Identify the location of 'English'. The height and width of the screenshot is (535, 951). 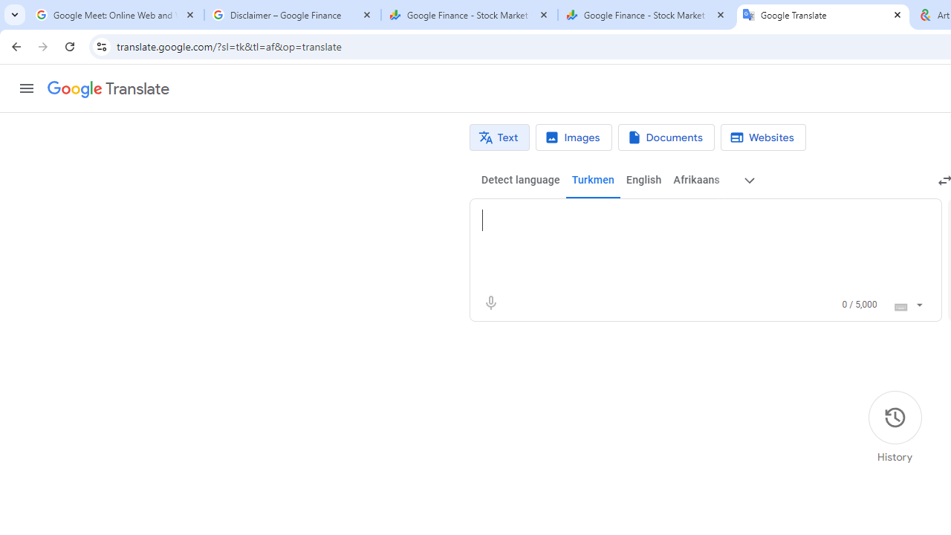
(643, 180).